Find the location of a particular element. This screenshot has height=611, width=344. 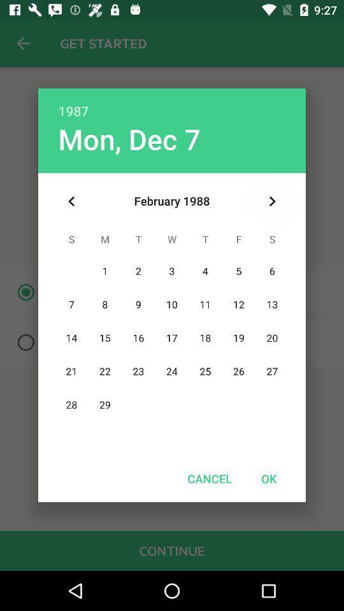

1987 is located at coordinates (172, 103).